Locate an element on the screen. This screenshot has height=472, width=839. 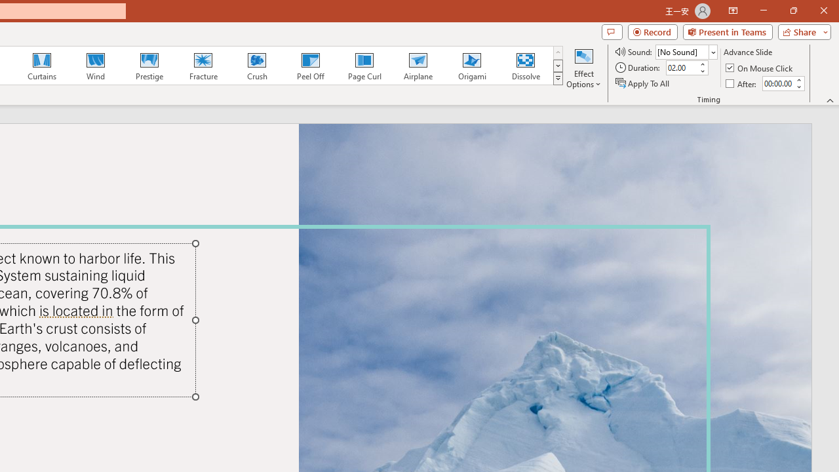
'Duration' is located at coordinates (682, 68).